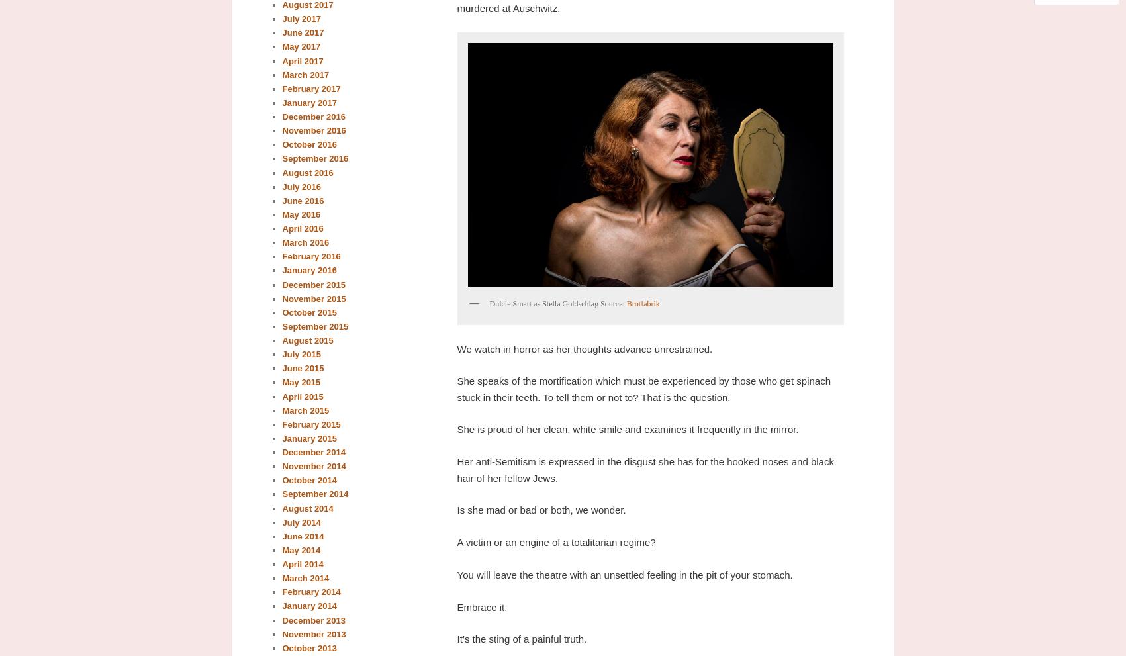  I want to click on 'December 2013', so click(312, 619).